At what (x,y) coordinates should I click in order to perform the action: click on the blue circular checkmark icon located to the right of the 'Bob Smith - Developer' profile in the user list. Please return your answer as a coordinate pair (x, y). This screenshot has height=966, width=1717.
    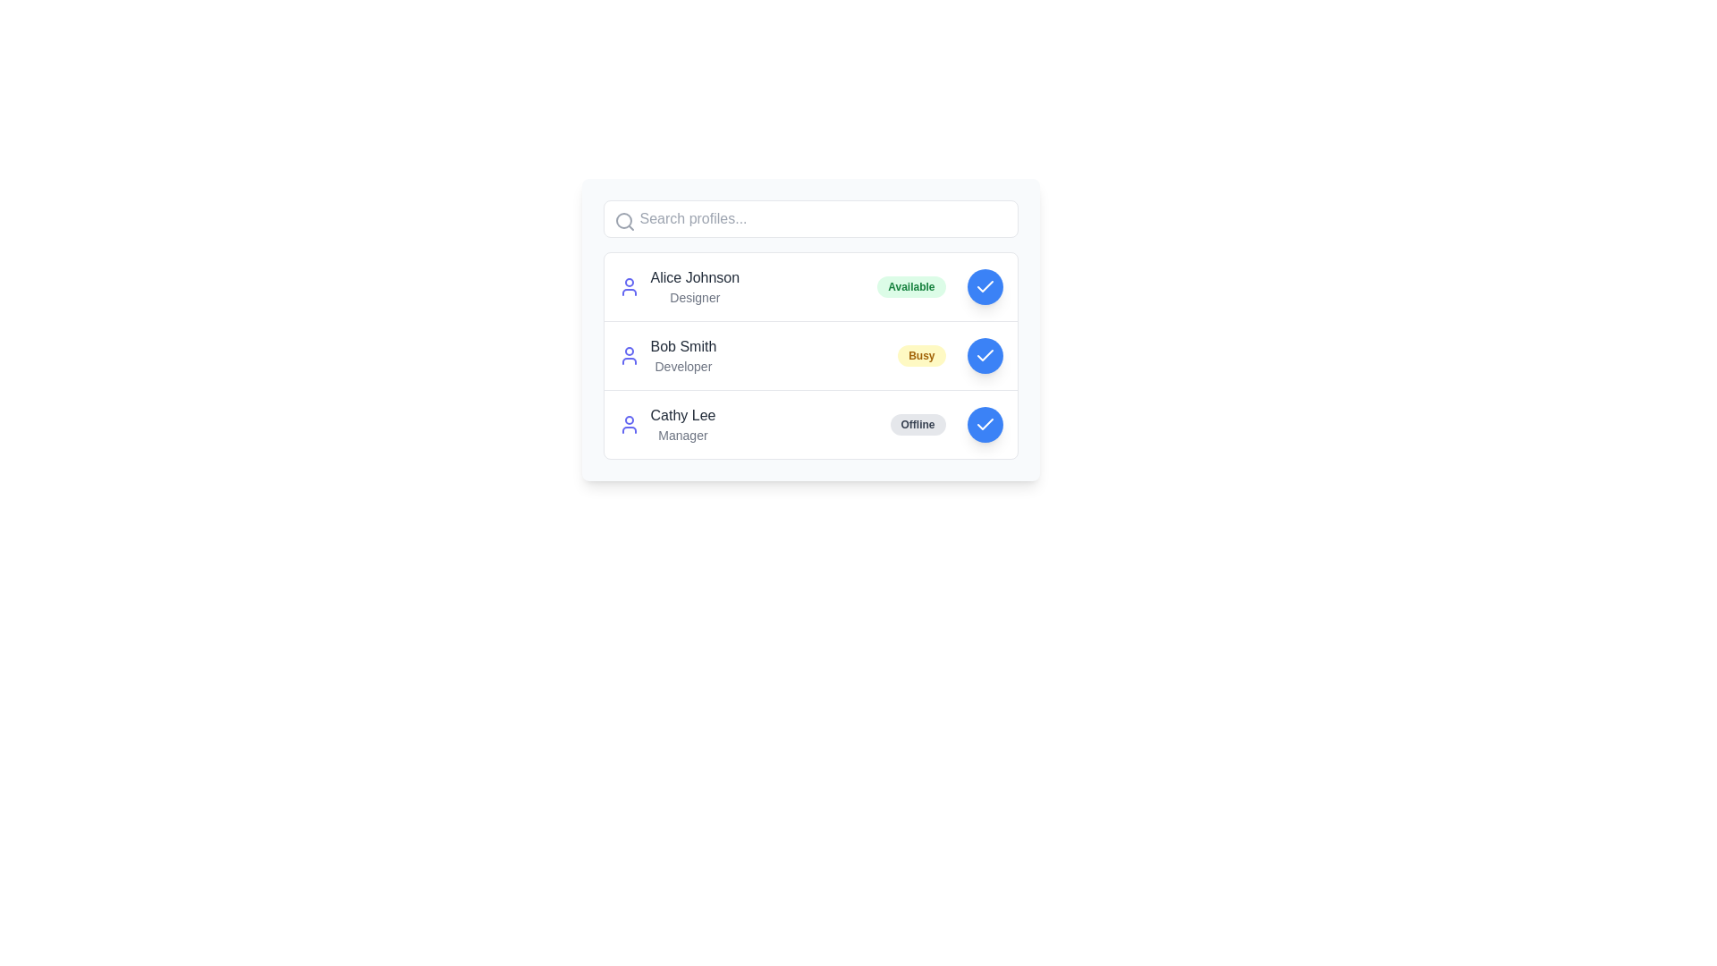
    Looking at the image, I should click on (984, 355).